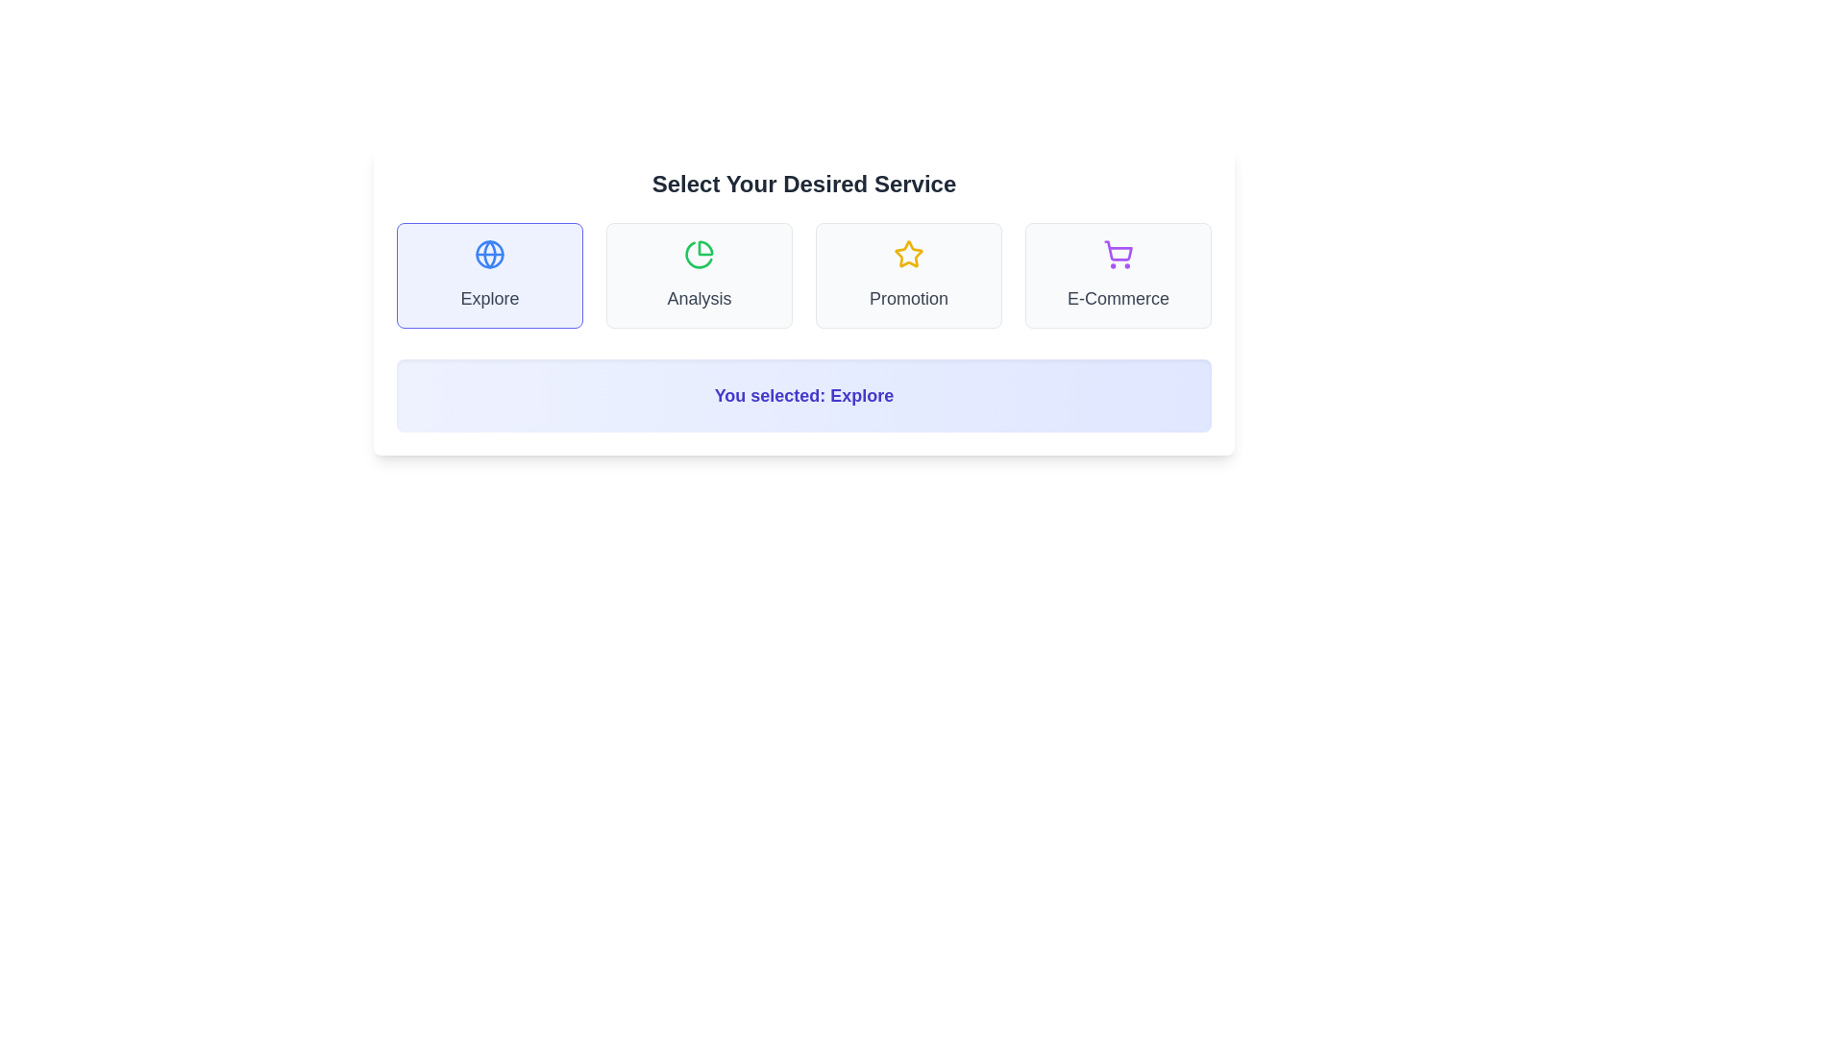  Describe the element at coordinates (489, 275) in the screenshot. I see `the first button in the horizontal grid layout to trigger a visual effect` at that location.